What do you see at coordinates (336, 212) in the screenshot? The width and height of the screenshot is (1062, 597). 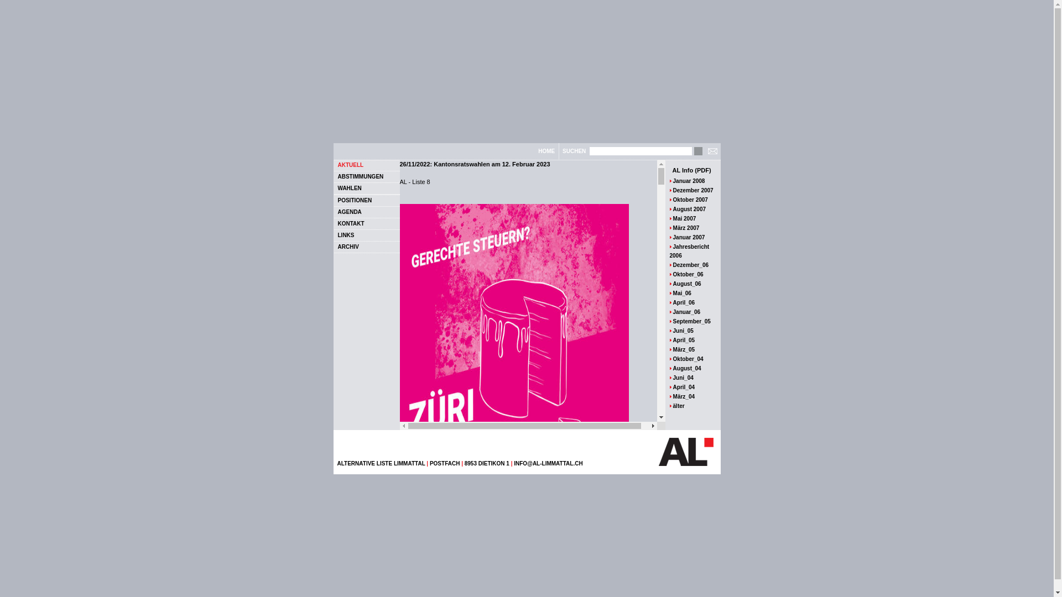 I see `'AGENDA'` at bounding box center [336, 212].